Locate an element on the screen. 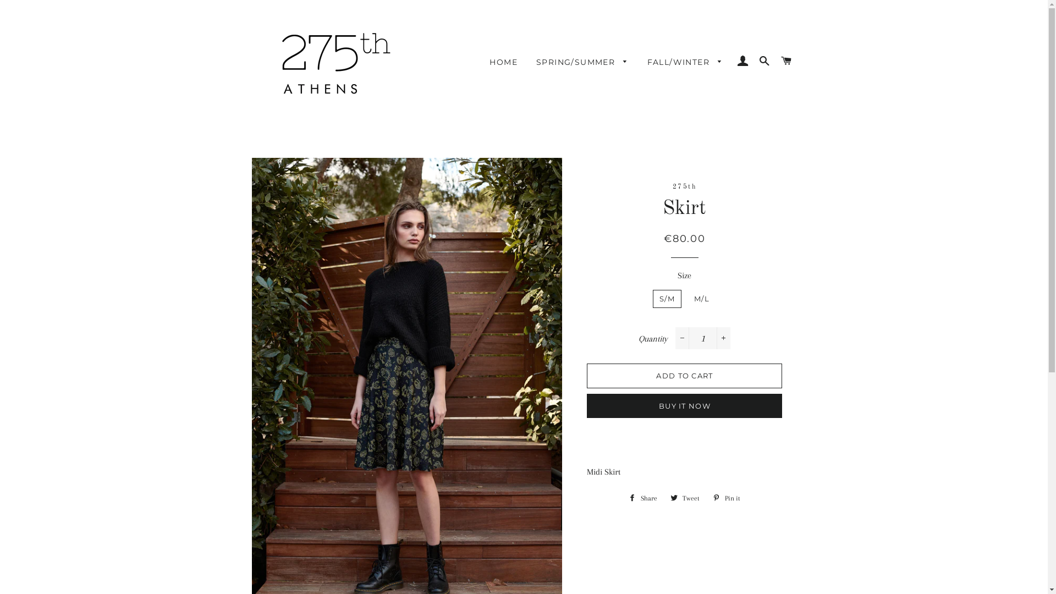 The width and height of the screenshot is (1056, 594). 'LOG IN' is located at coordinates (743, 61).